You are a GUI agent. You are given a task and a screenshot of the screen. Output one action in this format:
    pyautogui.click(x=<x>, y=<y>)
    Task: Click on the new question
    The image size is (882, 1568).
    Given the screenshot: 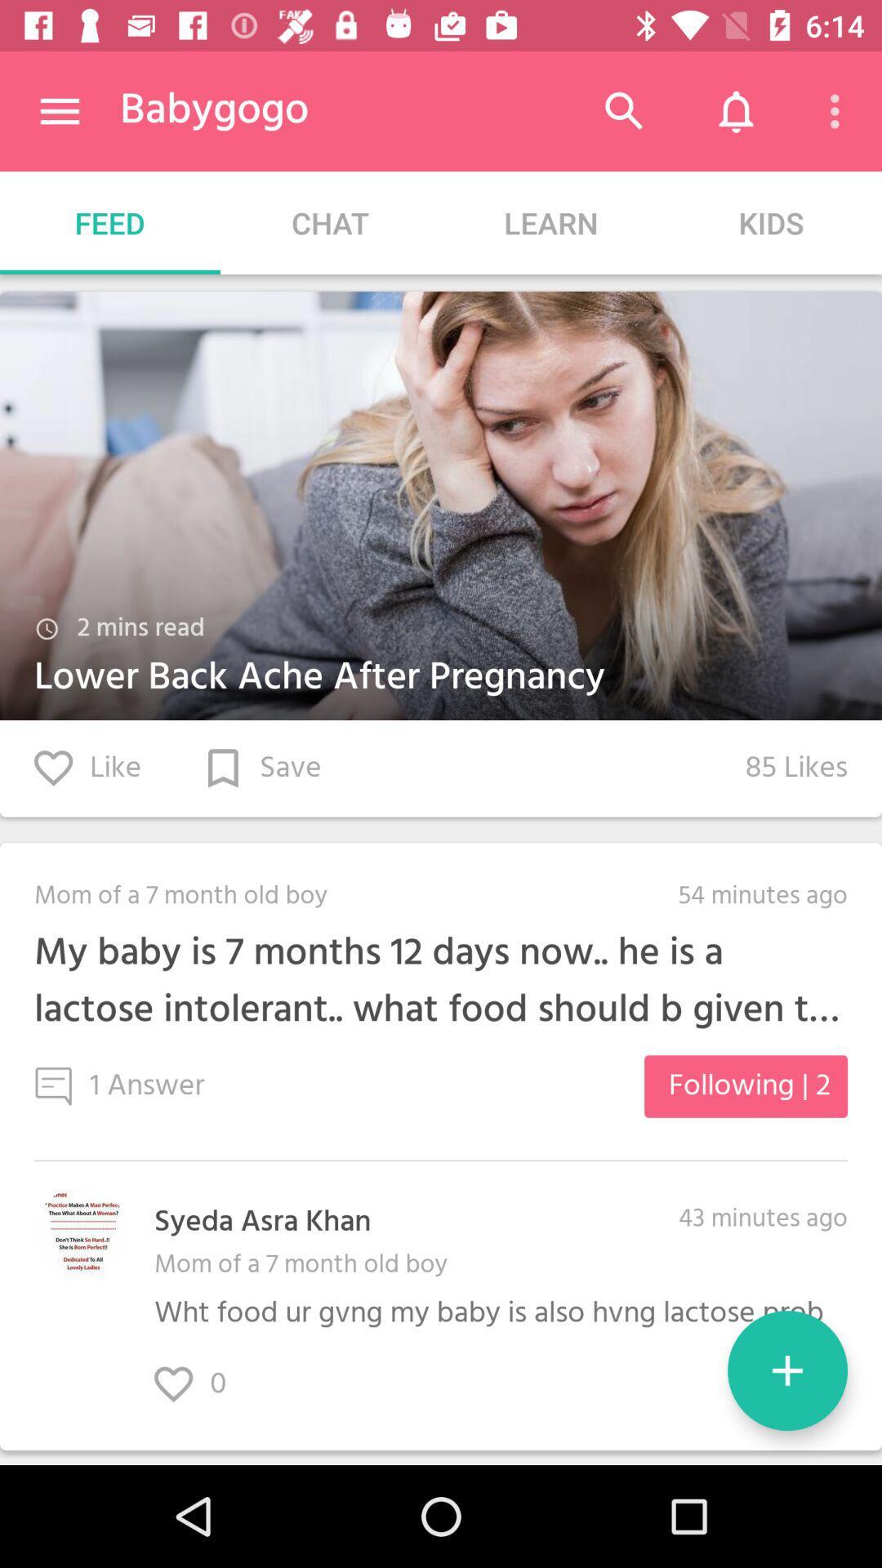 What is the action you would take?
    pyautogui.click(x=786, y=1370)
    